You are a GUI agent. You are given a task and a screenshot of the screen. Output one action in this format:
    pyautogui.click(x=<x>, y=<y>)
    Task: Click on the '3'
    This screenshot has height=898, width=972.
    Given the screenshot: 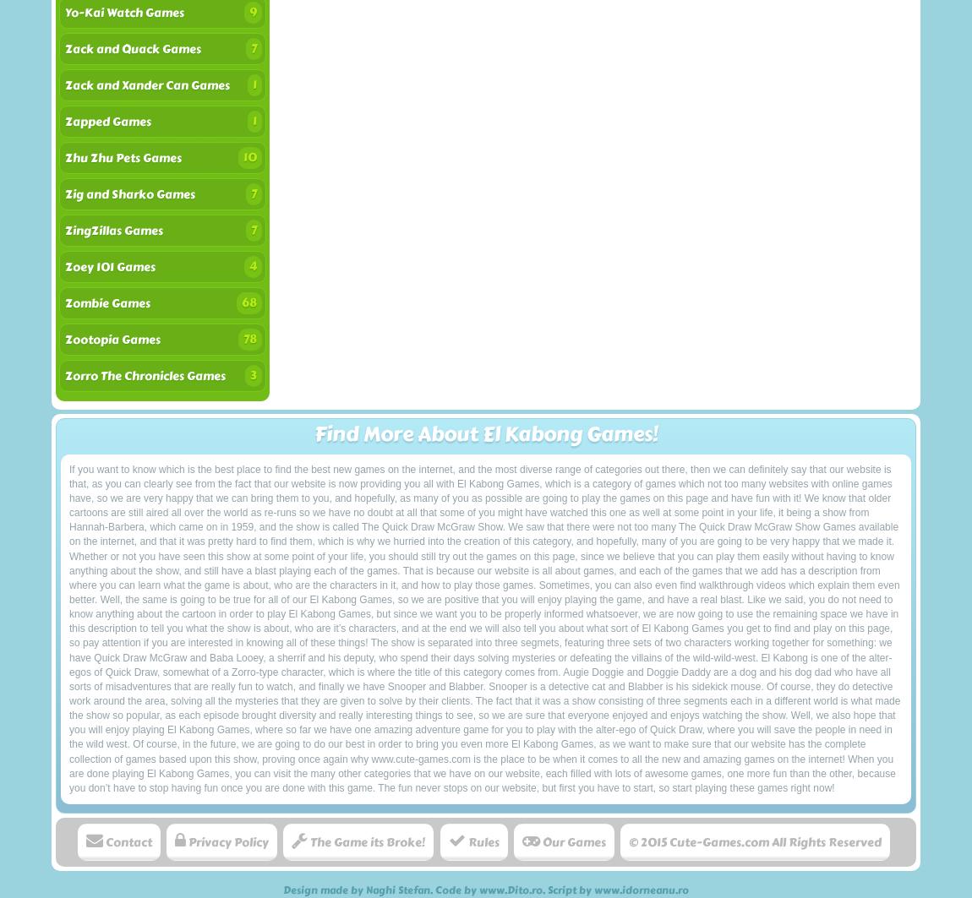 What is the action you would take?
    pyautogui.click(x=250, y=375)
    